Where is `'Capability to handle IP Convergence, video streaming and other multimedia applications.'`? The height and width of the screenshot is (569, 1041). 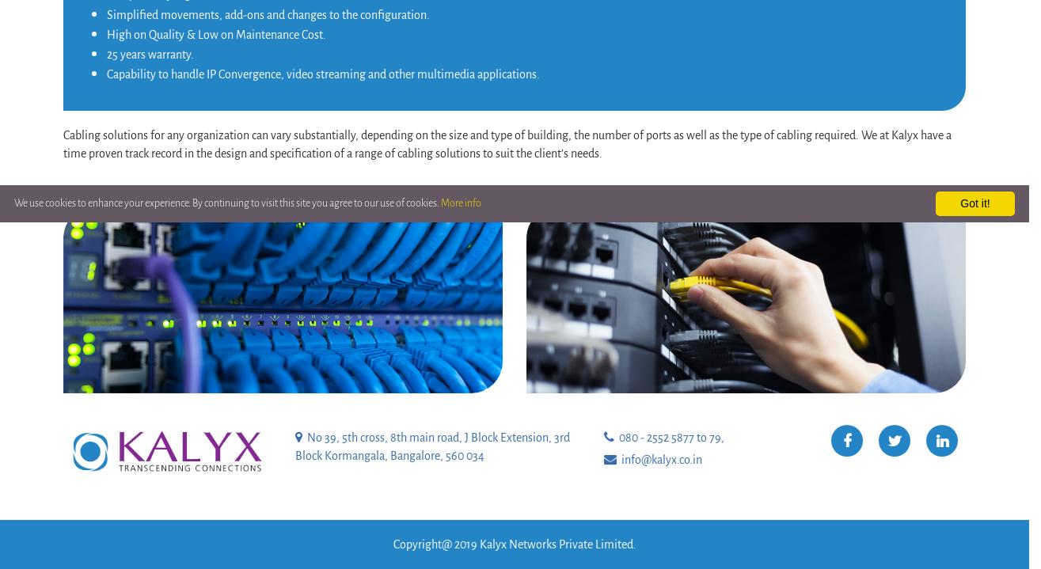
'Capability to handle IP Convergence, video streaming and other multimedia applications.' is located at coordinates (323, 74).